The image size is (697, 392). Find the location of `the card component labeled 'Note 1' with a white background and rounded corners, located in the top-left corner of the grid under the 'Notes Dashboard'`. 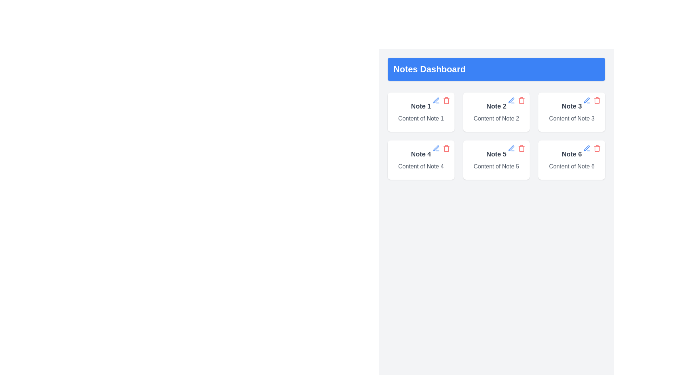

the card component labeled 'Note 1' with a white background and rounded corners, located in the top-left corner of the grid under the 'Notes Dashboard' is located at coordinates (421, 112).